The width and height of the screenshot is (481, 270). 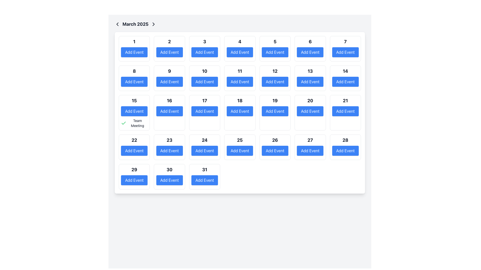 I want to click on the date identifier for March 16, which is positioned in the third row and fourth column of the calendar grid layout, representing the number '16', so click(x=169, y=100).